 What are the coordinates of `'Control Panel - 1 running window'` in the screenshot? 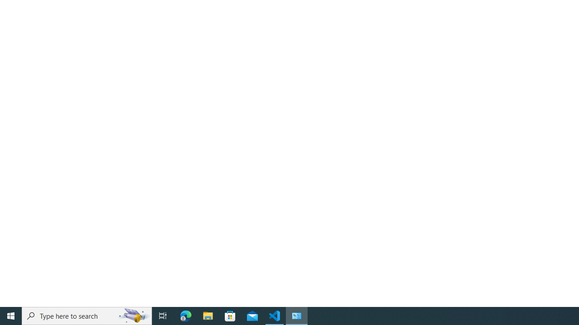 It's located at (297, 315).